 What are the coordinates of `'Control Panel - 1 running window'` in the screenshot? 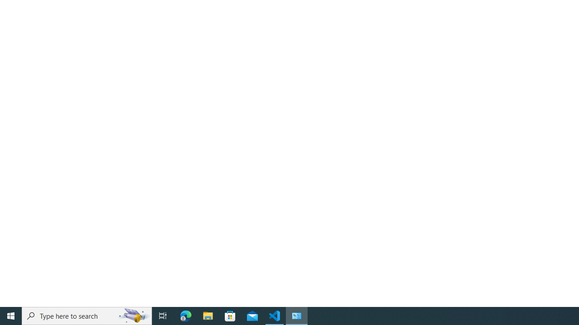 It's located at (297, 315).